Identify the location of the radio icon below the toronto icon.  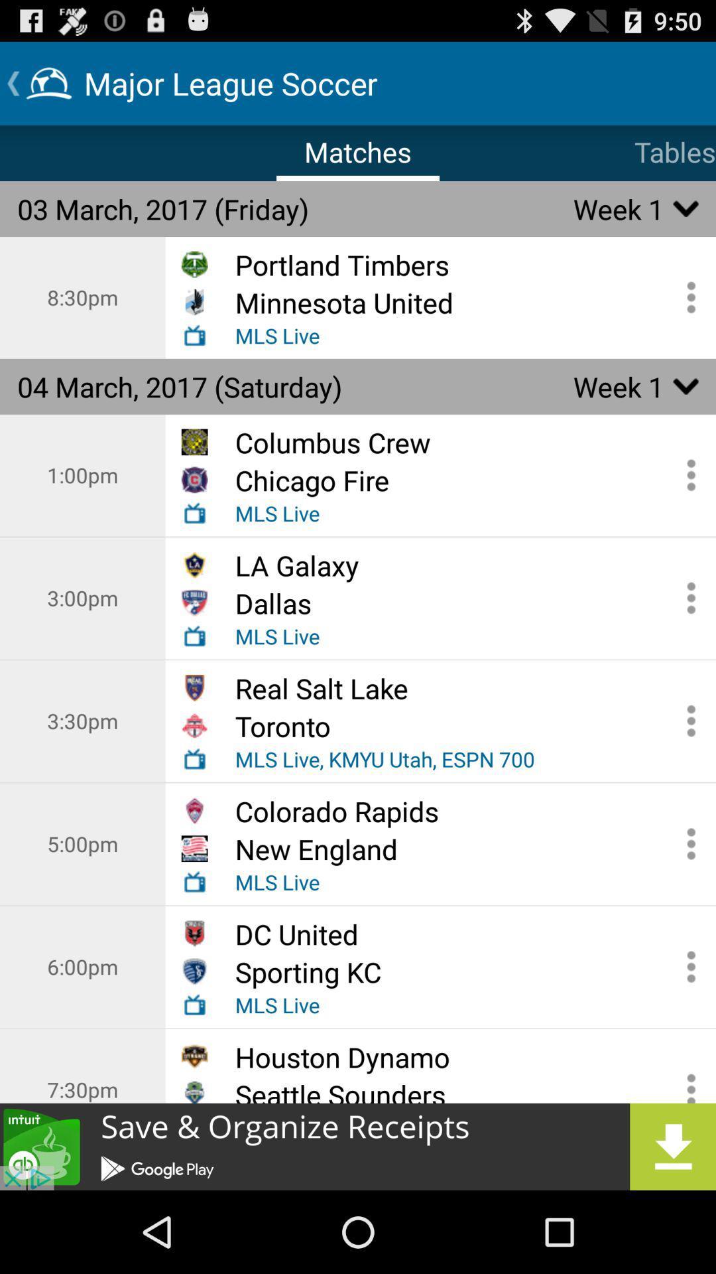
(194, 758).